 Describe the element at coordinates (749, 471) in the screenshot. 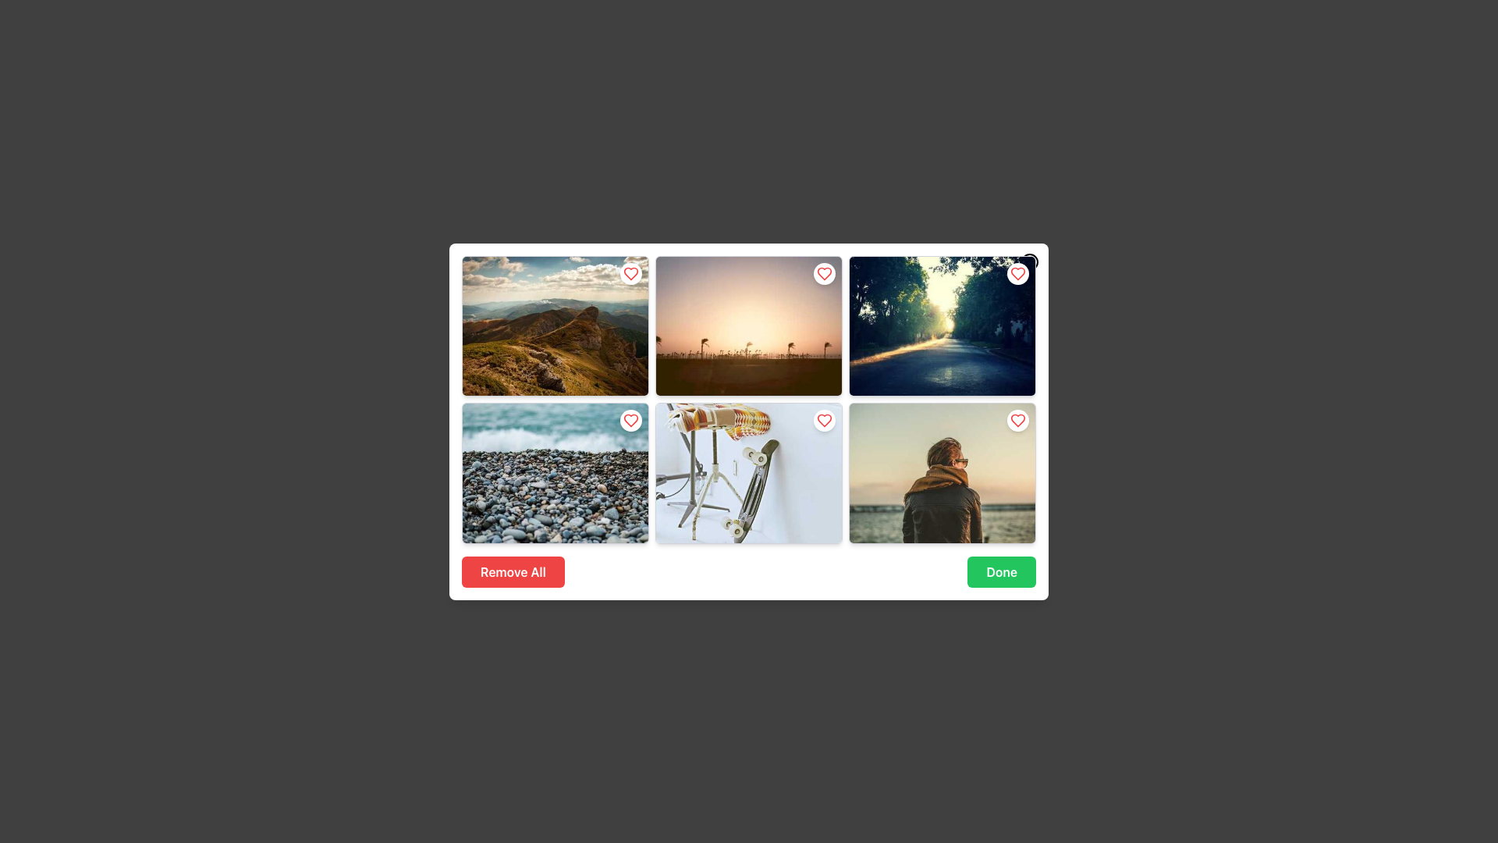

I see `the interactive image card located in the center row and second column of the gallery grid to scale the image` at that location.